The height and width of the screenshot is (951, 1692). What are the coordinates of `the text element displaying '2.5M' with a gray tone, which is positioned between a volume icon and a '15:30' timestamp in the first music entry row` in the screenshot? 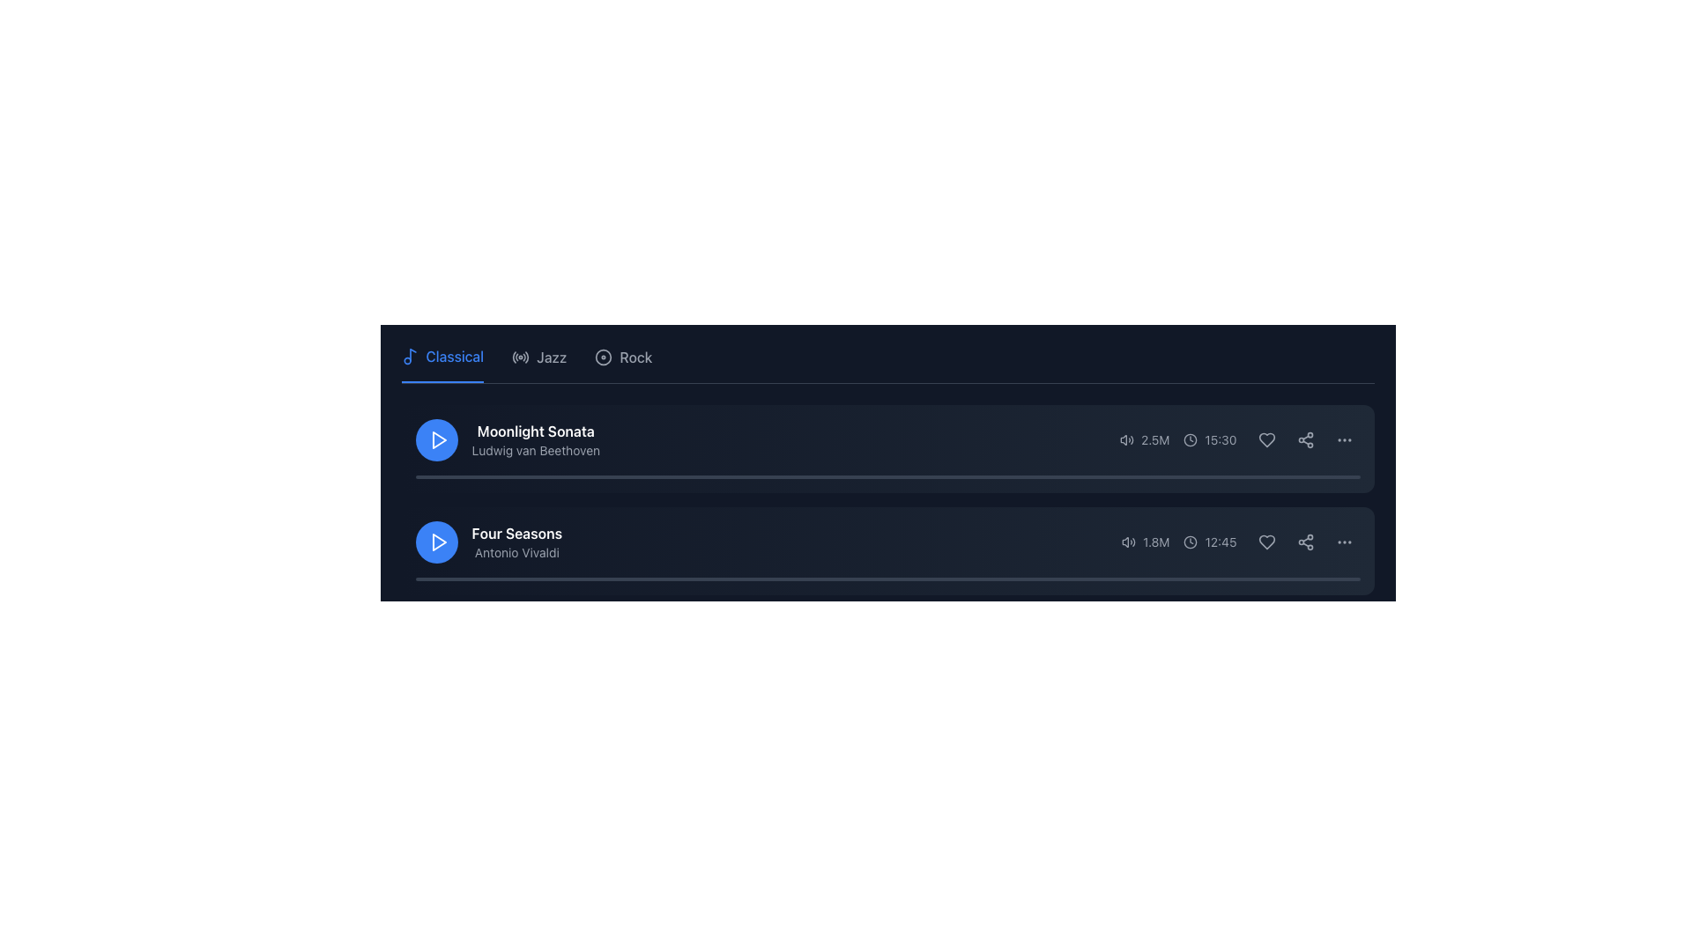 It's located at (1145, 439).